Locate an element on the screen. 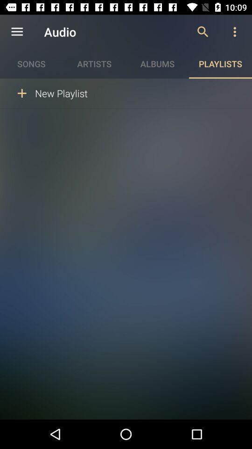 The width and height of the screenshot is (252, 449). icon next to audio item is located at coordinates (203, 32).